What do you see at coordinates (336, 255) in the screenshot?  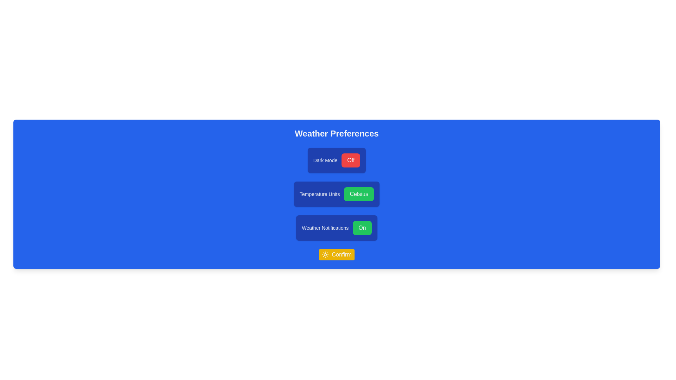 I see `the Confirm button to apply changes` at bounding box center [336, 255].